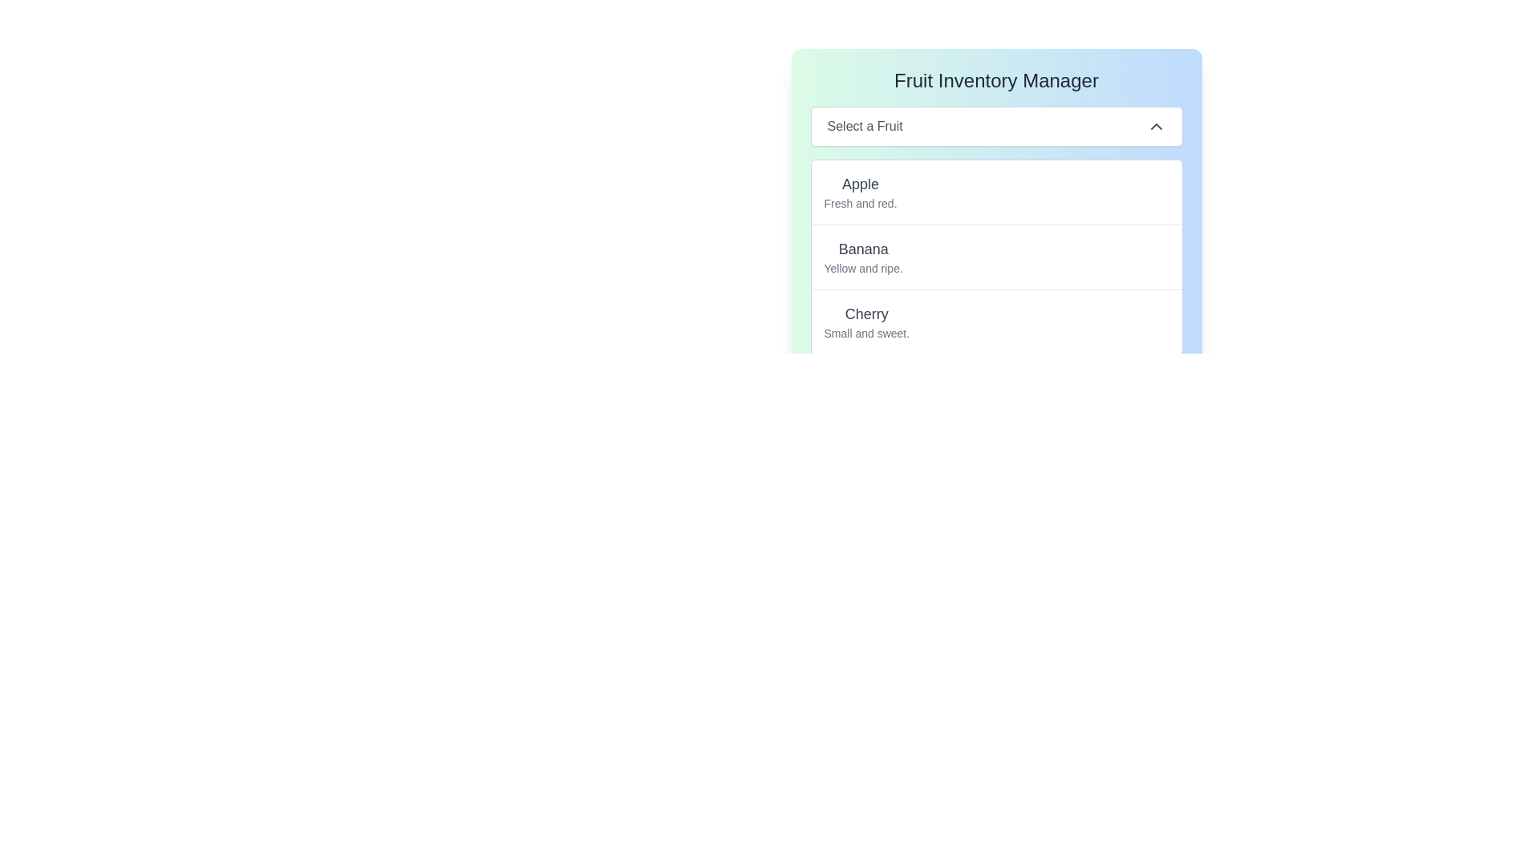 The height and width of the screenshot is (866, 1540). What do you see at coordinates (995, 322) in the screenshot?
I see `the List Item displaying 'Cherry' with the subtitle 'Small and sweet', which is the third item in a list of three items` at bounding box center [995, 322].